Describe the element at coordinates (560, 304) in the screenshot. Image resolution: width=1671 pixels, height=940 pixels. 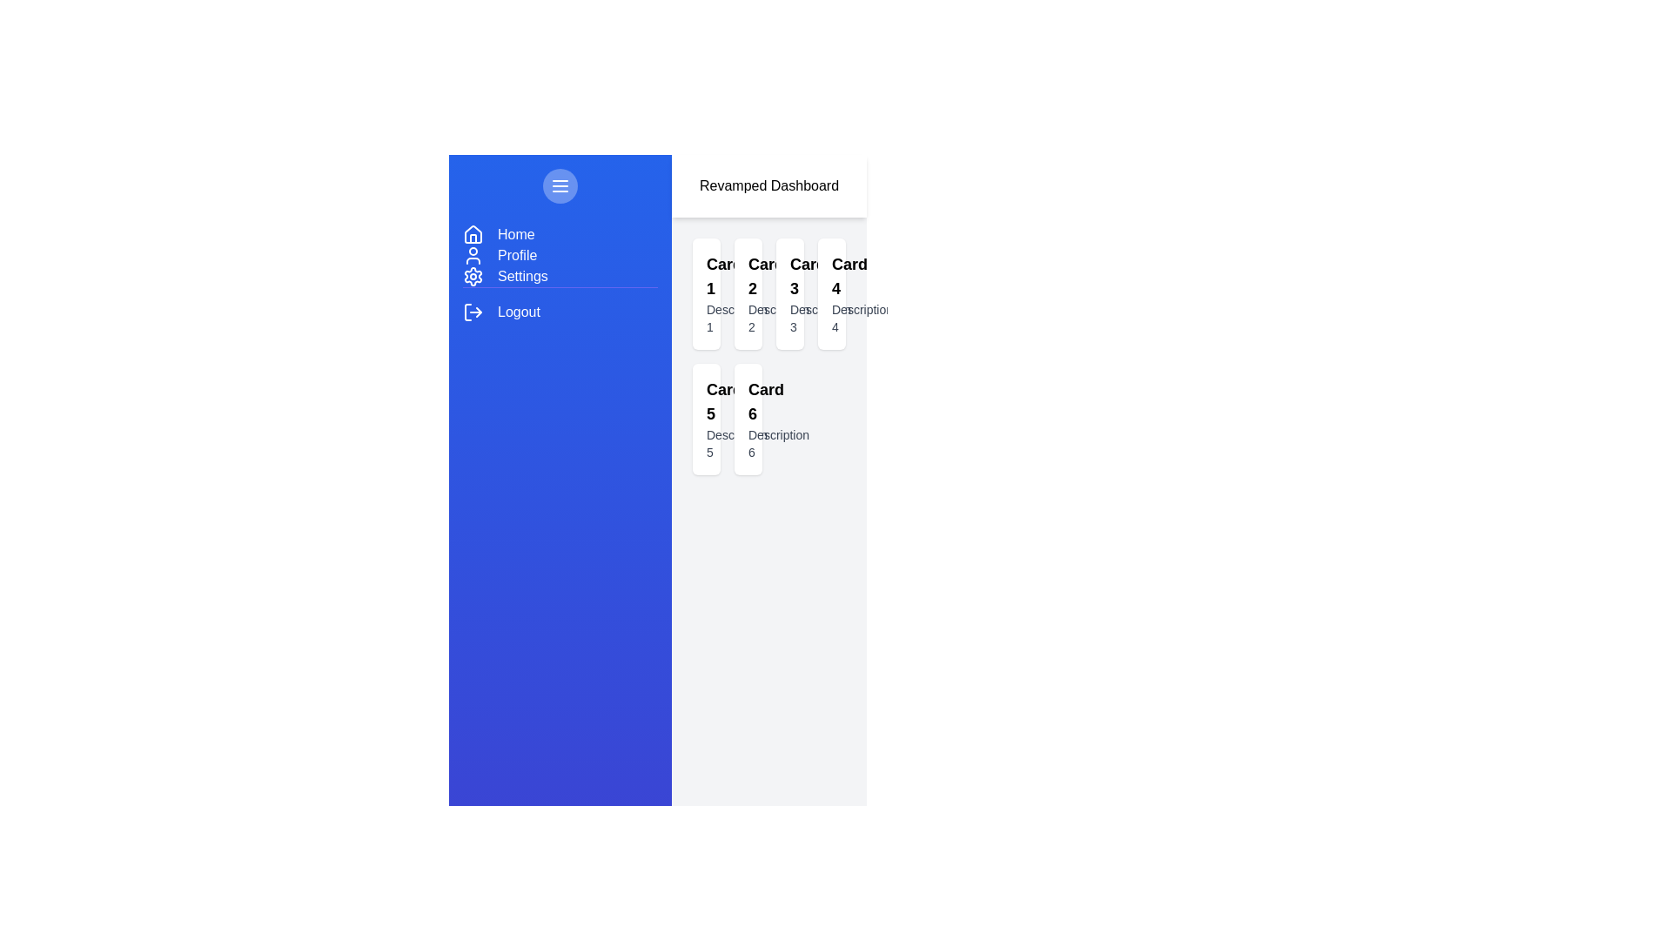
I see `the Logout Navigation Menu Item located at the bottom of the navigation menu, below the 'Settings' option` at that location.